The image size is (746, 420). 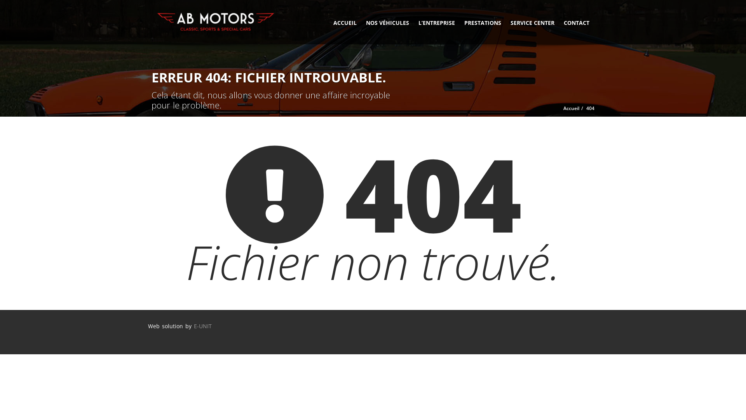 I want to click on 'SERVICE CENTER', so click(x=532, y=22).